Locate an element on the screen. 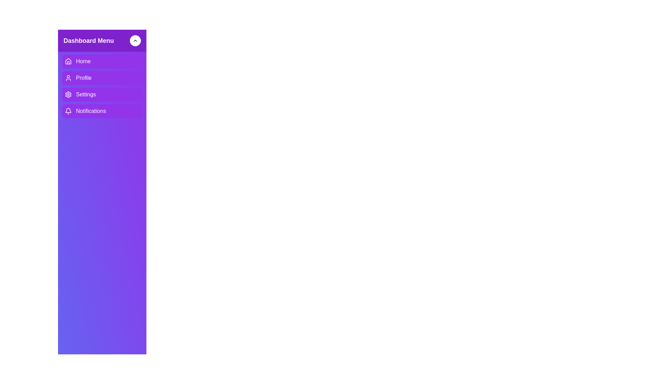  the user profile icon located within the 'Profile' menu item of the vertical navigation bar is located at coordinates (68, 78).